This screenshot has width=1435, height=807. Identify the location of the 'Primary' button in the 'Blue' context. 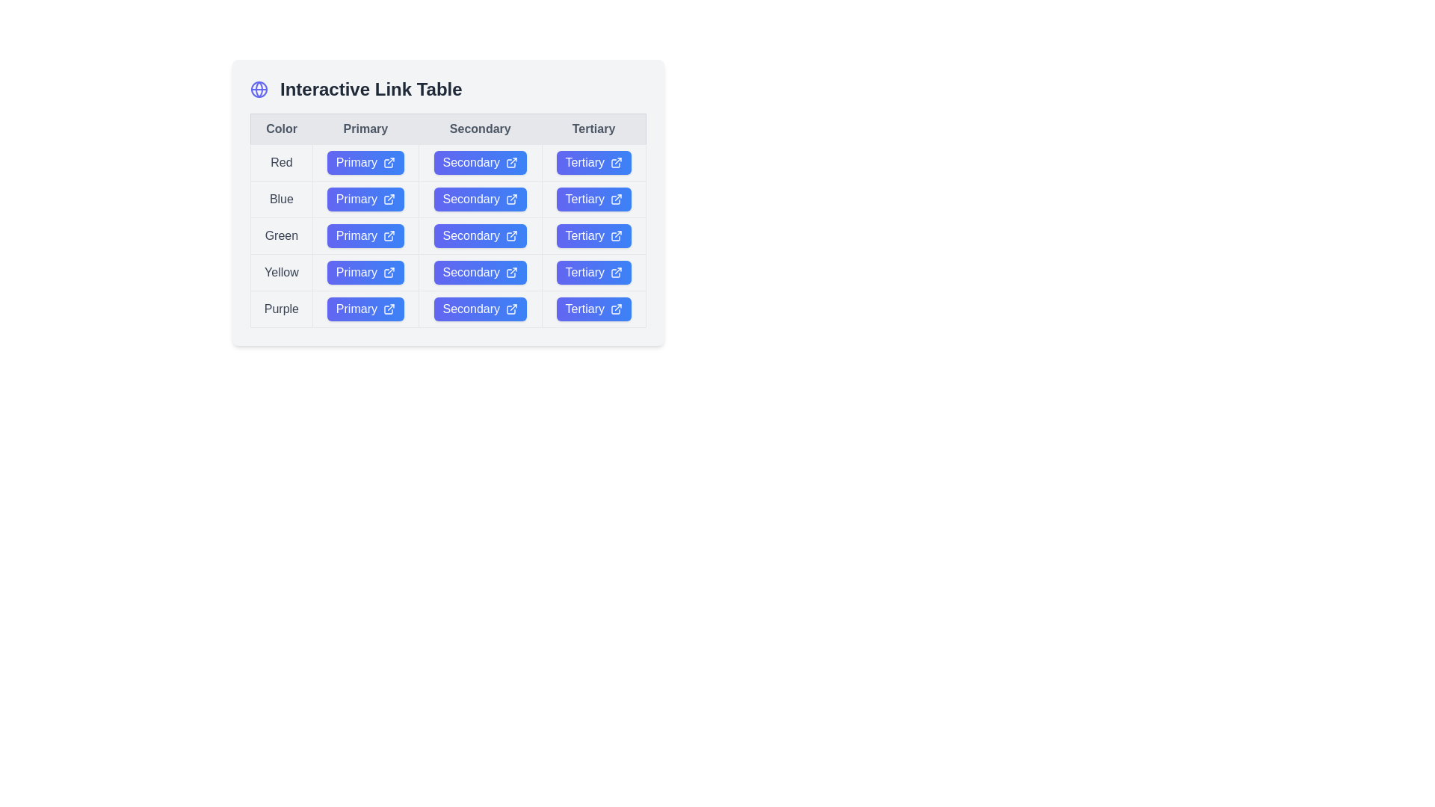
(365, 198).